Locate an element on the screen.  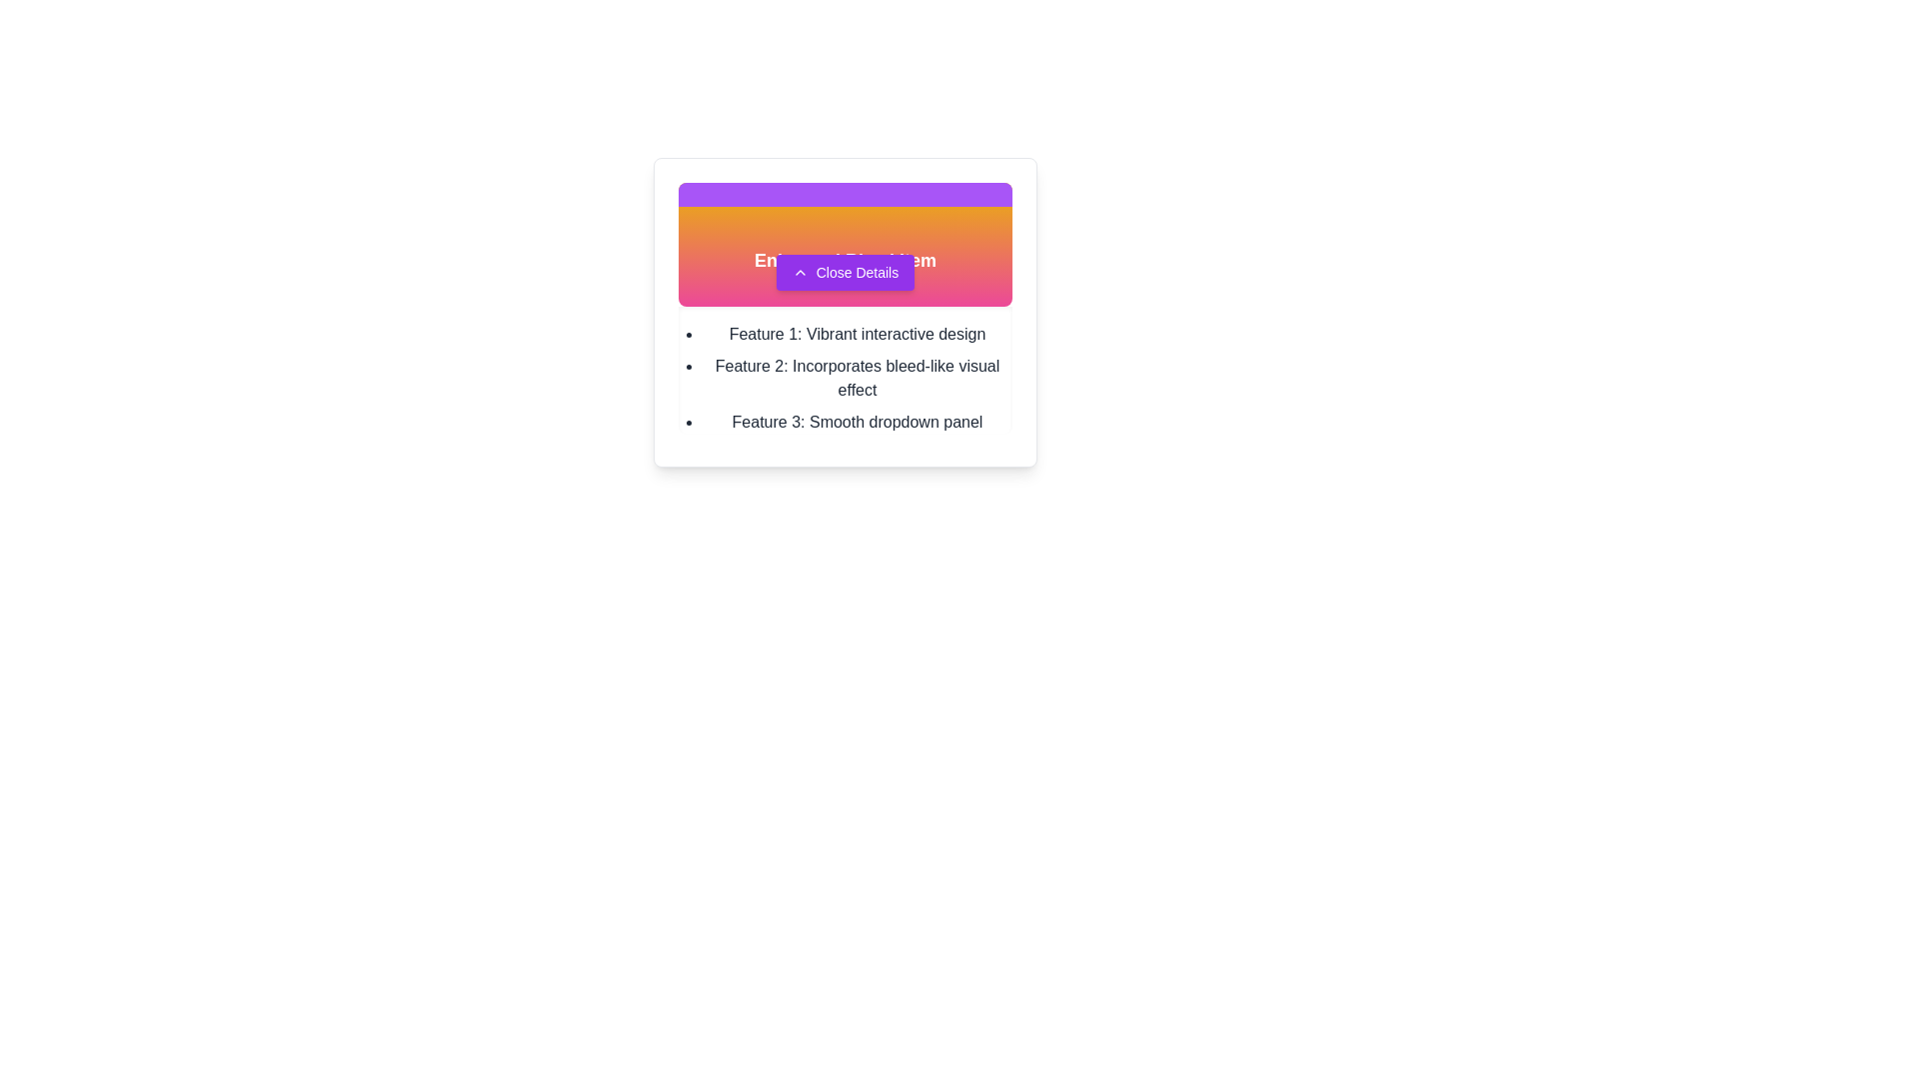
the textual list item reading 'Feature 3: Smooth dropdown panel', which is the third item in a bullet-point list is located at coordinates (858, 422).